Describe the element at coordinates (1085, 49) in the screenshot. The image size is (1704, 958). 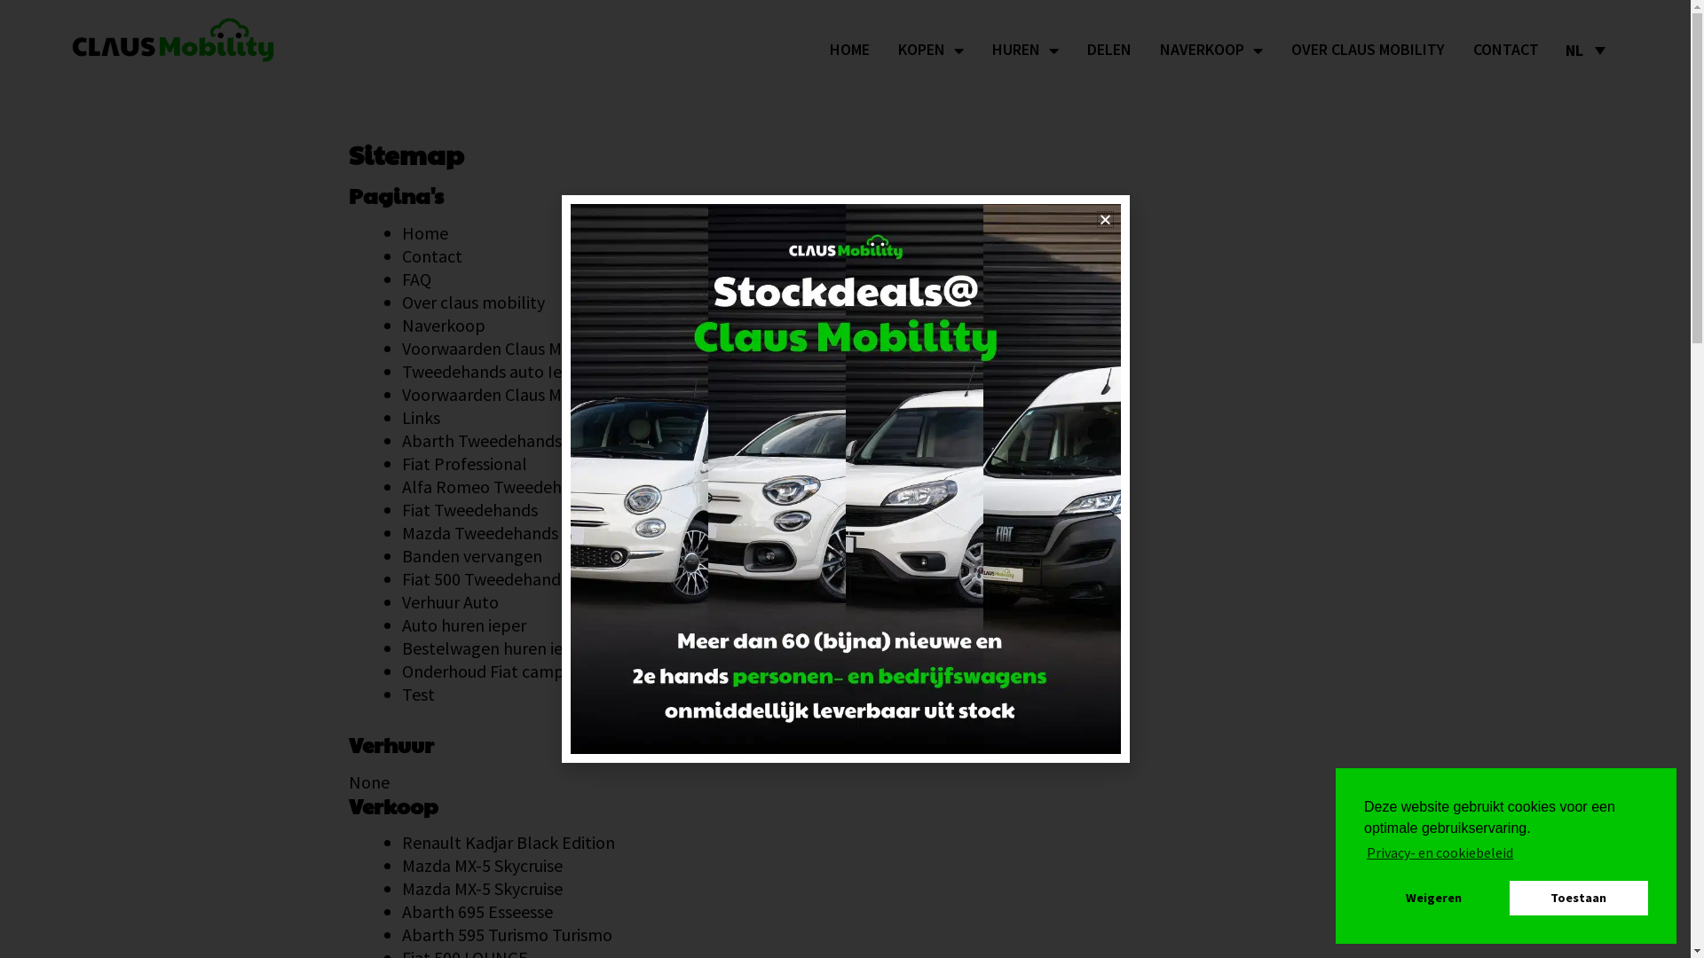
I see `'DELEN'` at that location.